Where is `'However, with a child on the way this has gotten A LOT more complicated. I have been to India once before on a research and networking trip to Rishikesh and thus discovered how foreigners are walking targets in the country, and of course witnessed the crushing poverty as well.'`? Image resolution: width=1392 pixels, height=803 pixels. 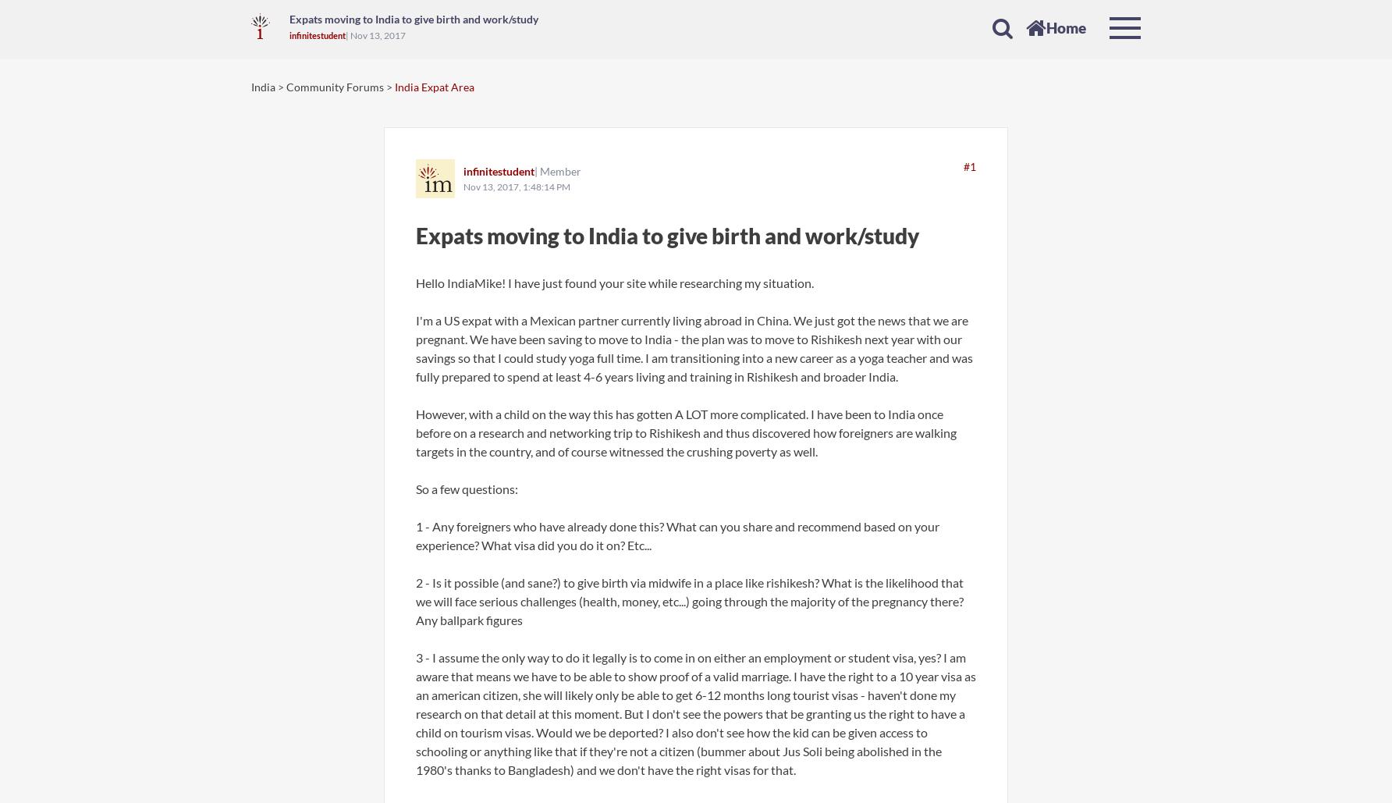 'However, with a child on the way this has gotten A LOT more complicated. I have been to India once before on a research and networking trip to Rishikesh and thus discovered how foreigners are walking targets in the country, and of course witnessed the crushing poverty as well.' is located at coordinates (685, 431).